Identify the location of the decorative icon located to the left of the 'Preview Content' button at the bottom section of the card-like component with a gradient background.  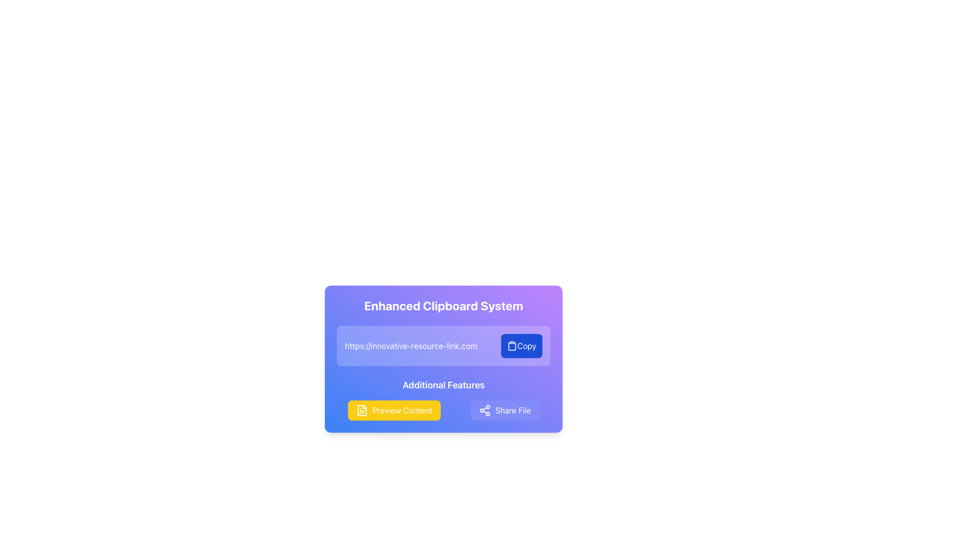
(362, 410).